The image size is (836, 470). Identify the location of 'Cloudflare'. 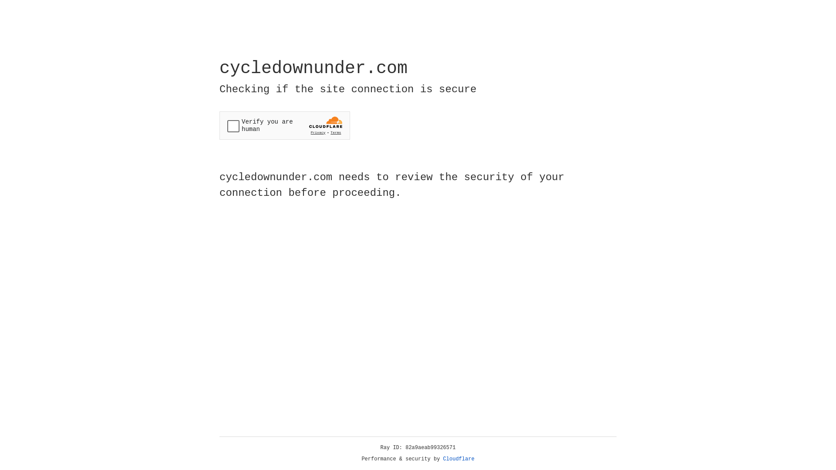
(458, 459).